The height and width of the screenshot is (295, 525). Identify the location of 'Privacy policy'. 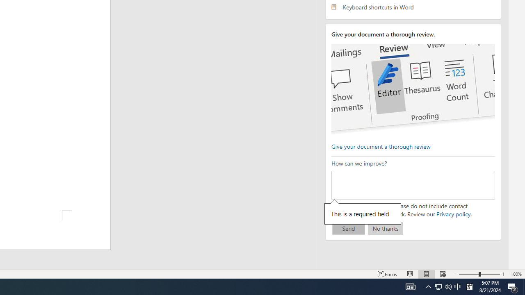
(453, 213).